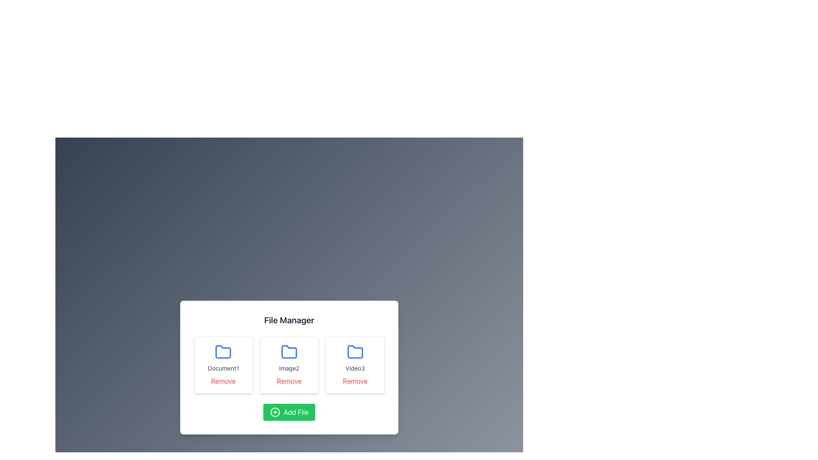  I want to click on the 'Remove' action link on the second File entry card in the grid layout under the 'File Manager' heading, so click(289, 367).